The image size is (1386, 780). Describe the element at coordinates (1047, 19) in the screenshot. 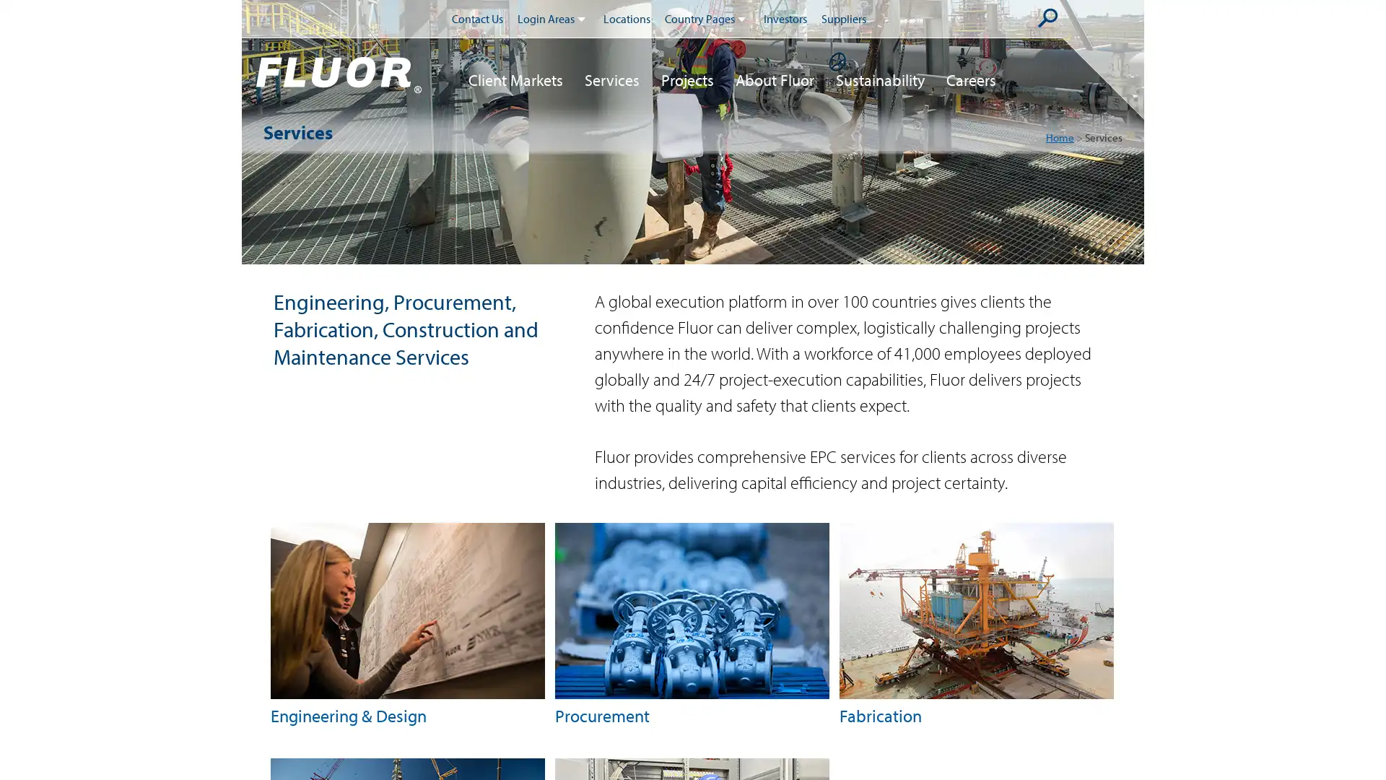

I see `Submit Search` at that location.